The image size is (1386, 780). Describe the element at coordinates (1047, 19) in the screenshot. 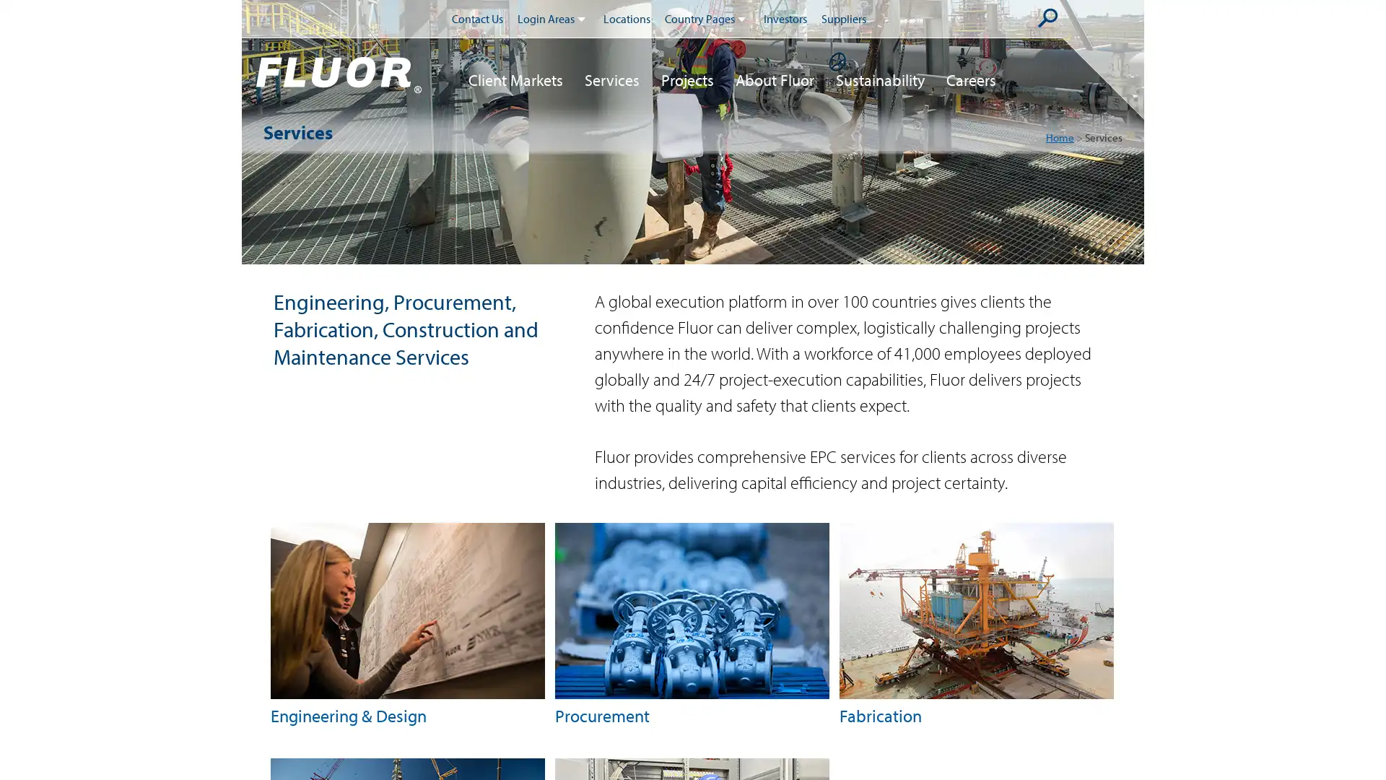

I see `Submit Search` at that location.